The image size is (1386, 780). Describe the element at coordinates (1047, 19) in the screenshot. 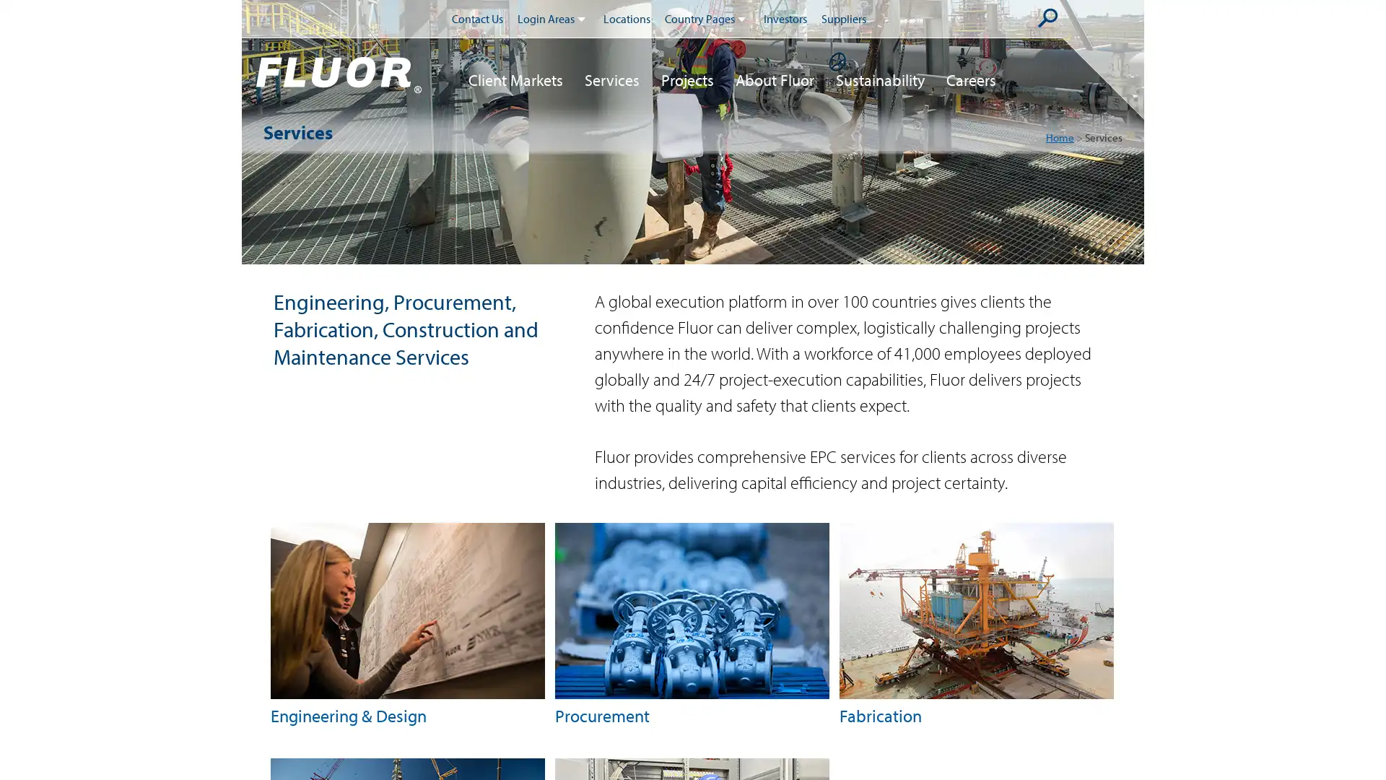

I see `Submit Search` at that location.